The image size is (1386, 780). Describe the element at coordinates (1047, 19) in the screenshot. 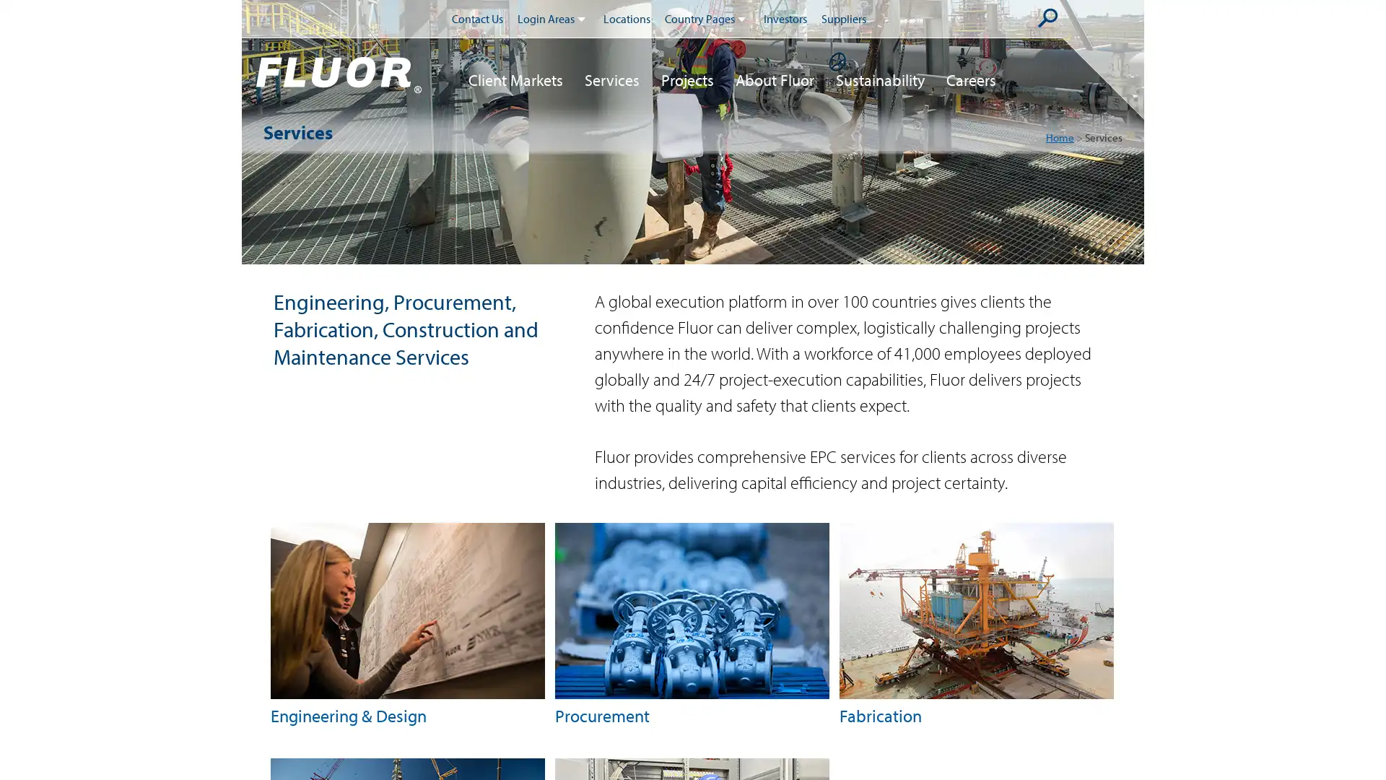

I see `Submit Search` at that location.